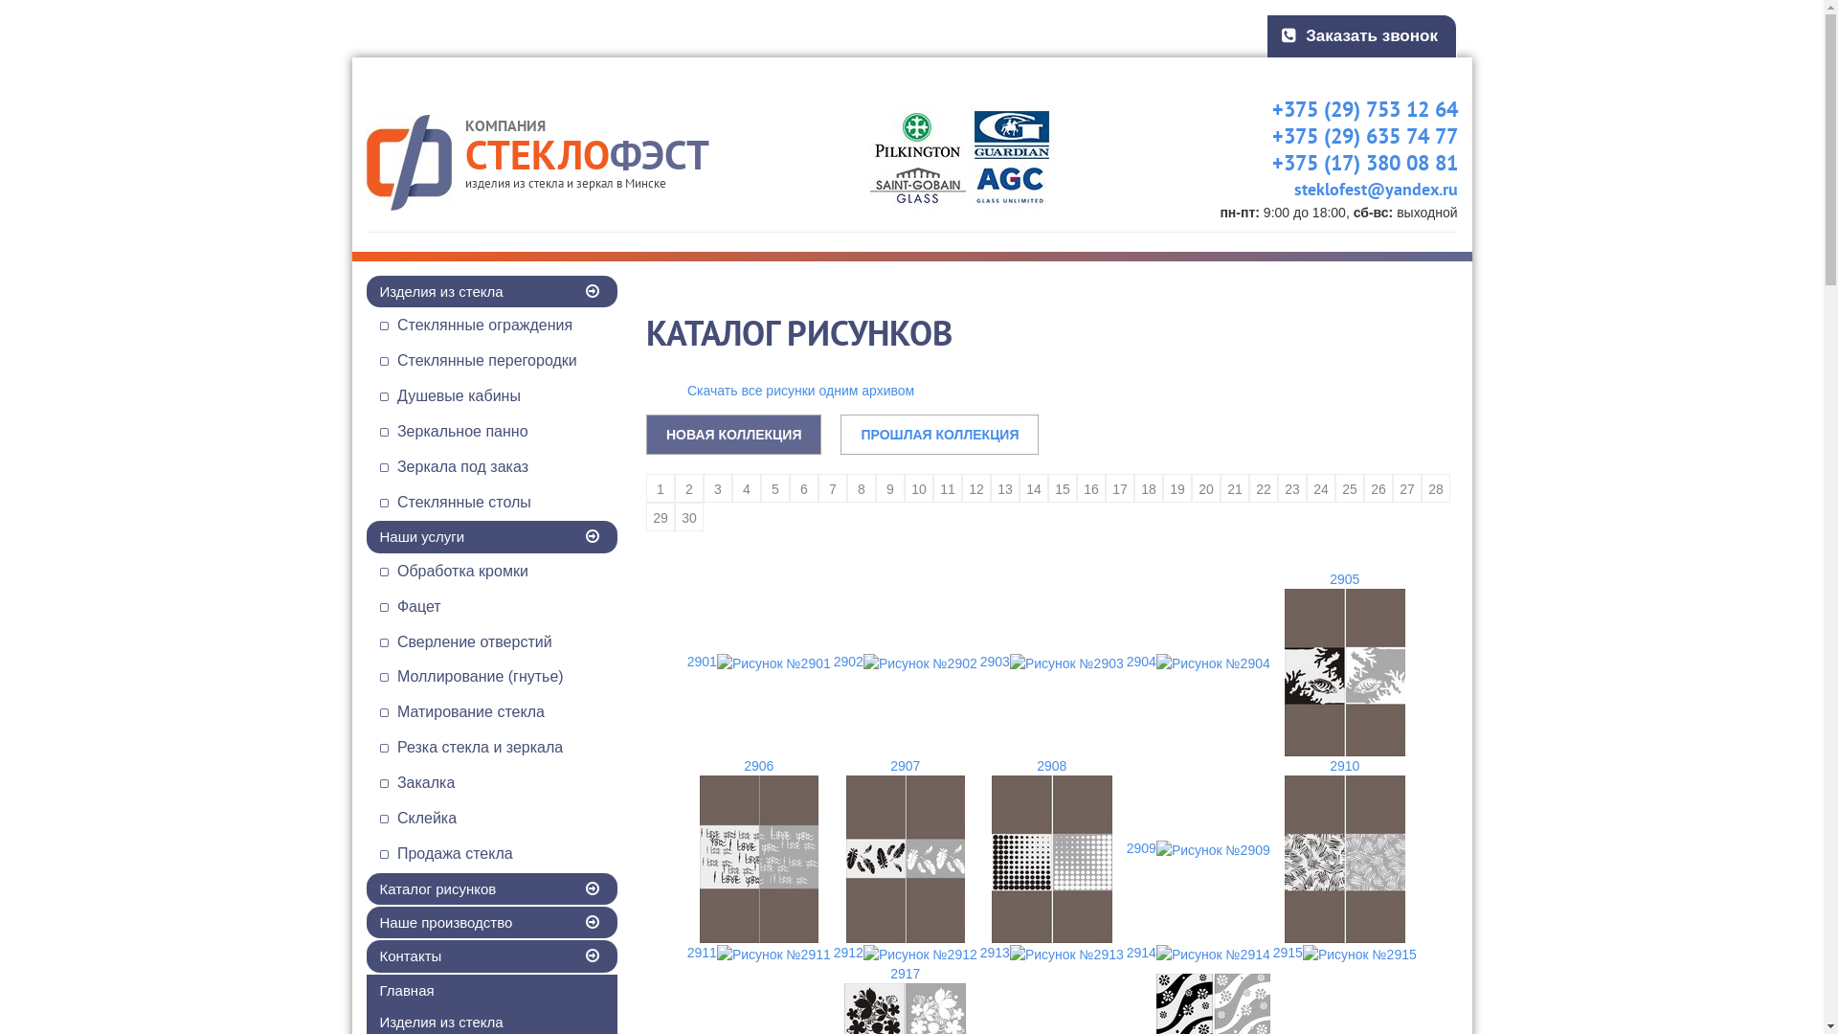  I want to click on '2904', so click(1125, 661).